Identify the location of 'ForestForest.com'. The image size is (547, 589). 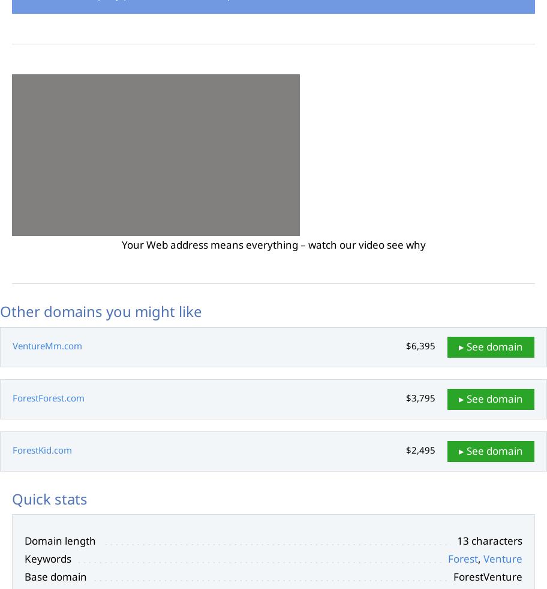
(48, 397).